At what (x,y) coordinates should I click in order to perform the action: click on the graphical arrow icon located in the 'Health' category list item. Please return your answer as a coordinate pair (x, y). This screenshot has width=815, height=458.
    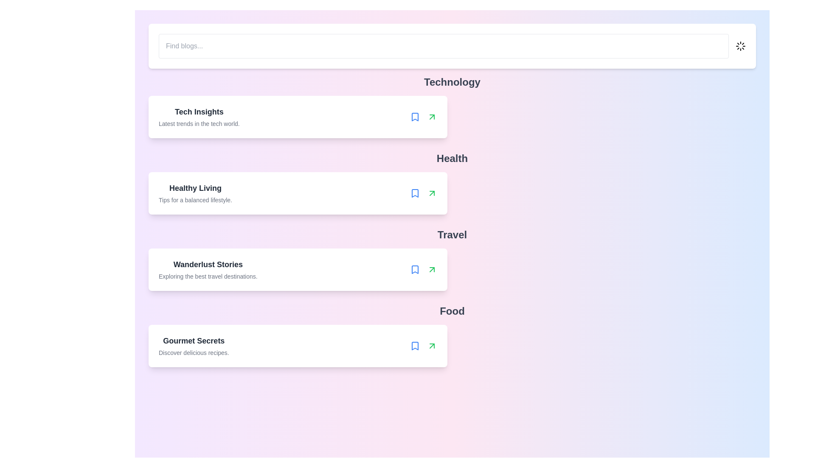
    Looking at the image, I should click on (432, 193).